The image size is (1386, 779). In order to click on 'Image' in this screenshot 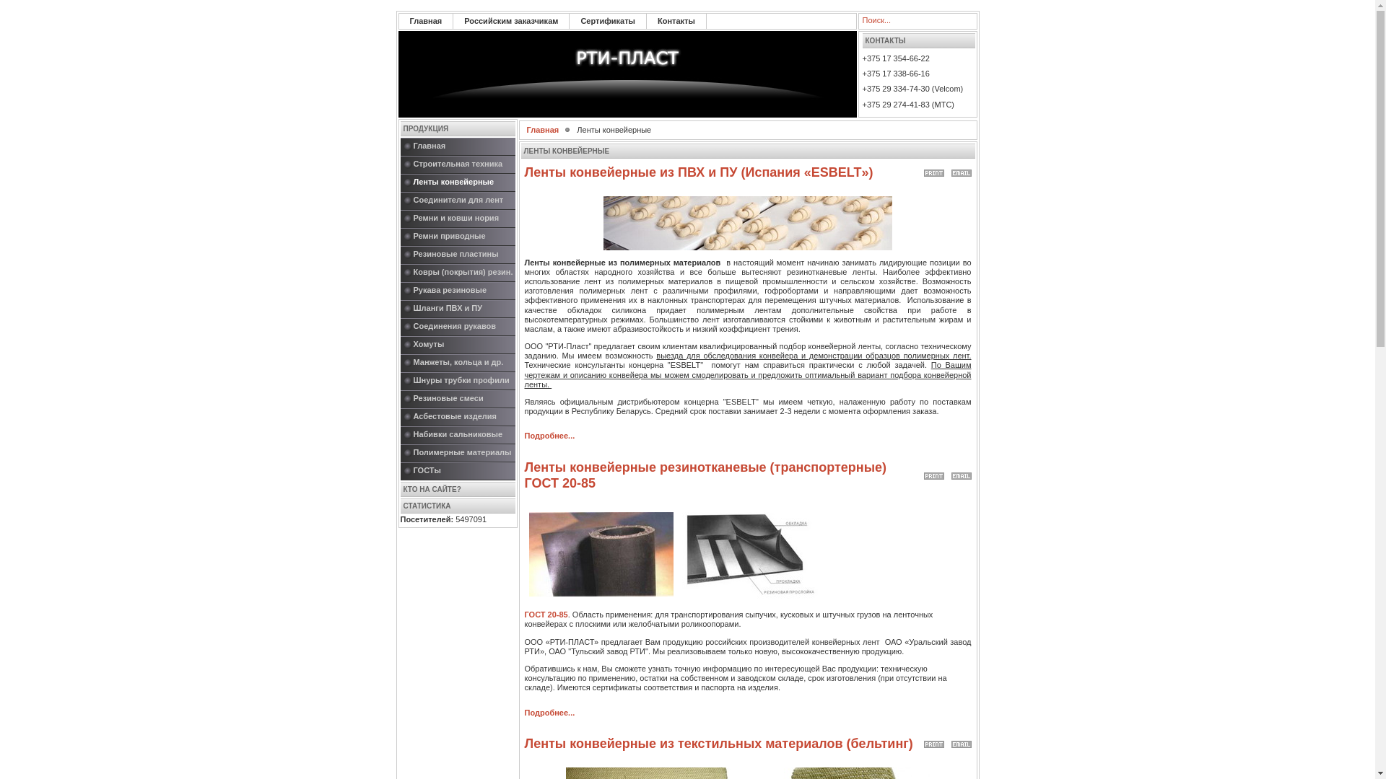, I will do `click(748, 223)`.